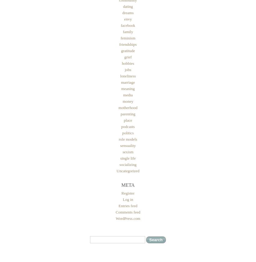  What do you see at coordinates (128, 70) in the screenshot?
I see `'jobs'` at bounding box center [128, 70].